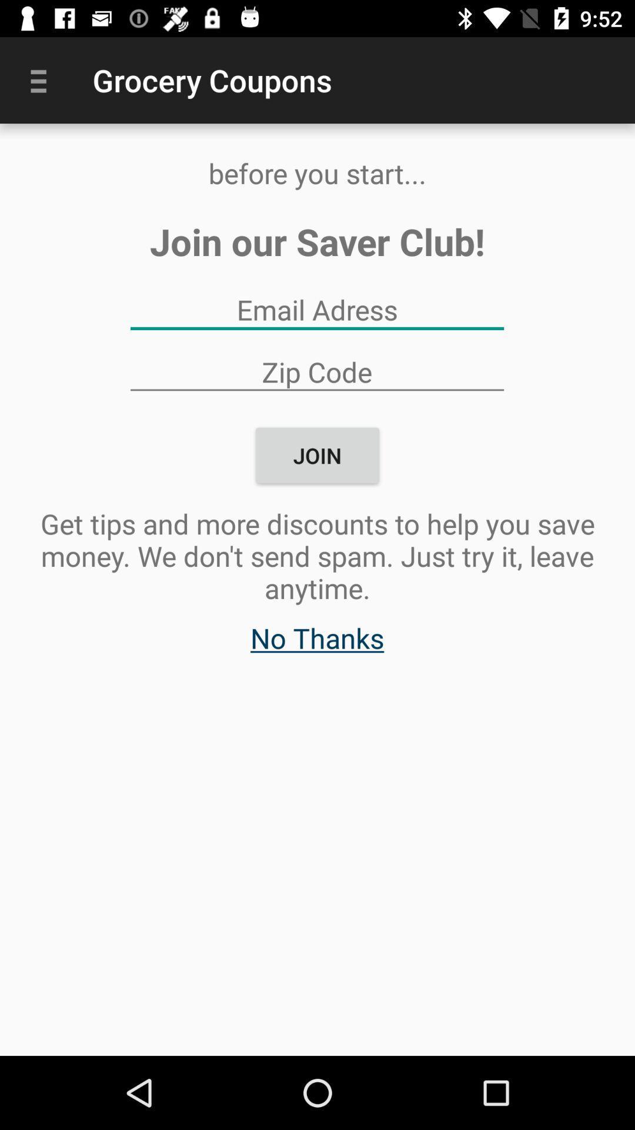 This screenshot has width=635, height=1130. I want to click on your email address, so click(316, 310).